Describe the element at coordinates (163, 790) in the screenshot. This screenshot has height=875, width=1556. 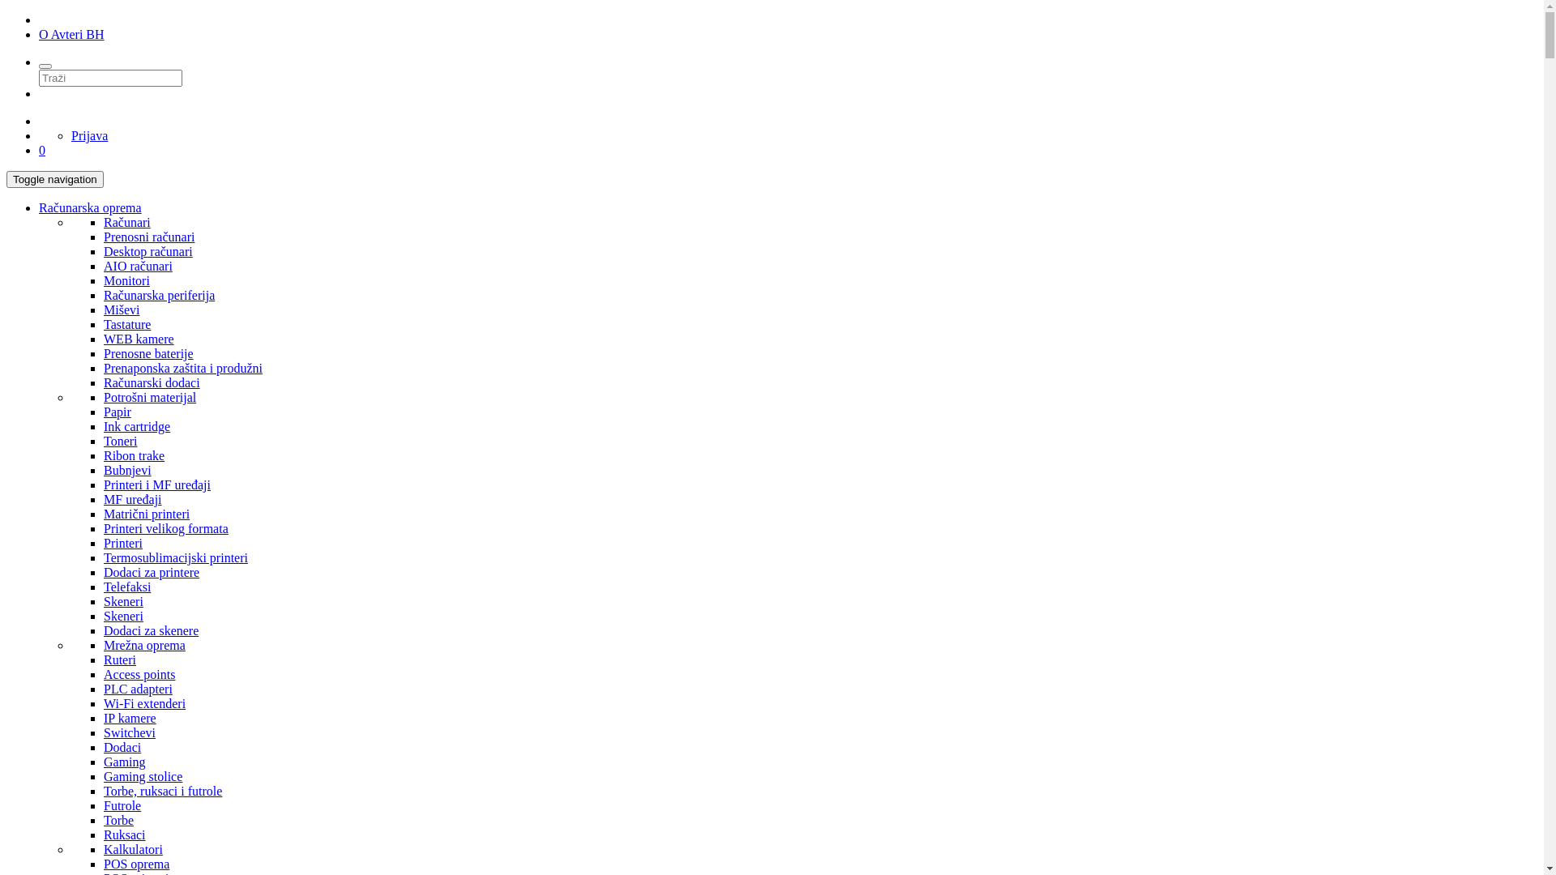
I see `'Torbe, ruksaci i futrole'` at that location.